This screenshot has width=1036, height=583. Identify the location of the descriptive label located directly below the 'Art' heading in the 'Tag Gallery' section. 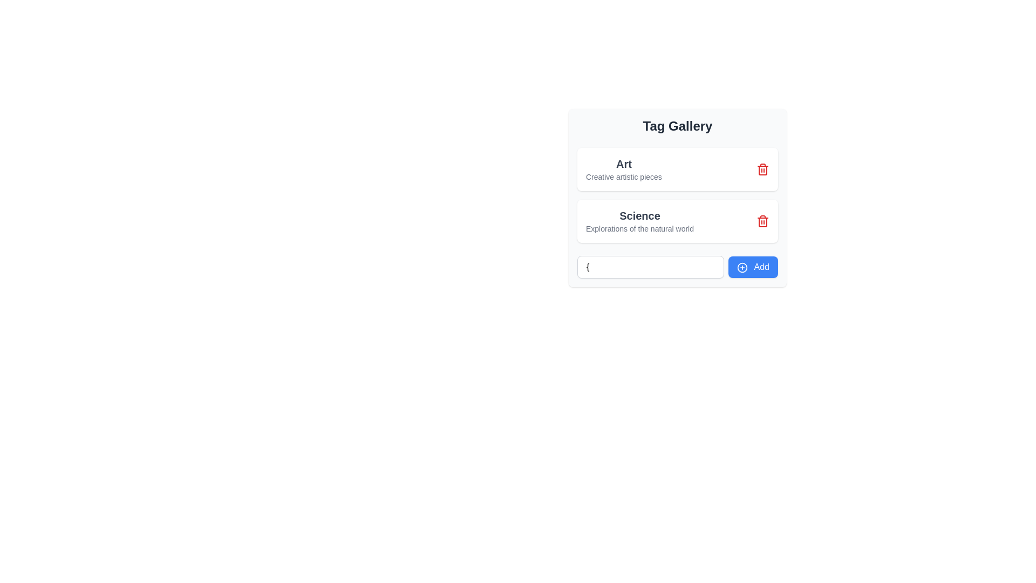
(624, 176).